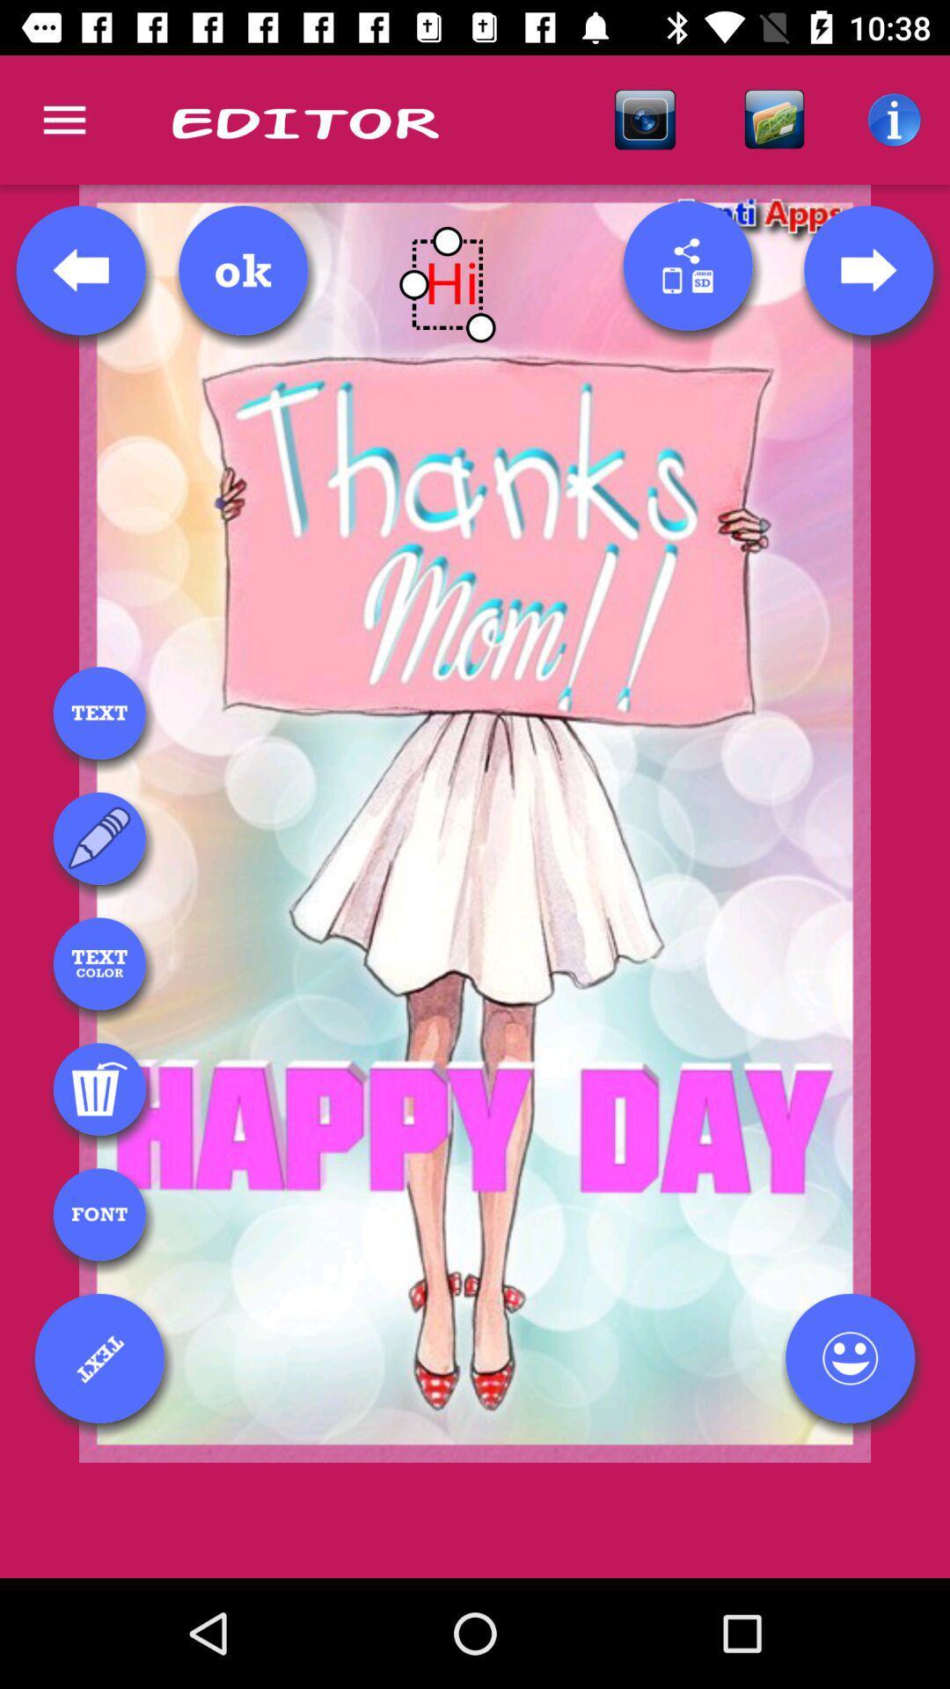  What do you see at coordinates (63, 119) in the screenshot?
I see `the icon to the left of editor` at bounding box center [63, 119].